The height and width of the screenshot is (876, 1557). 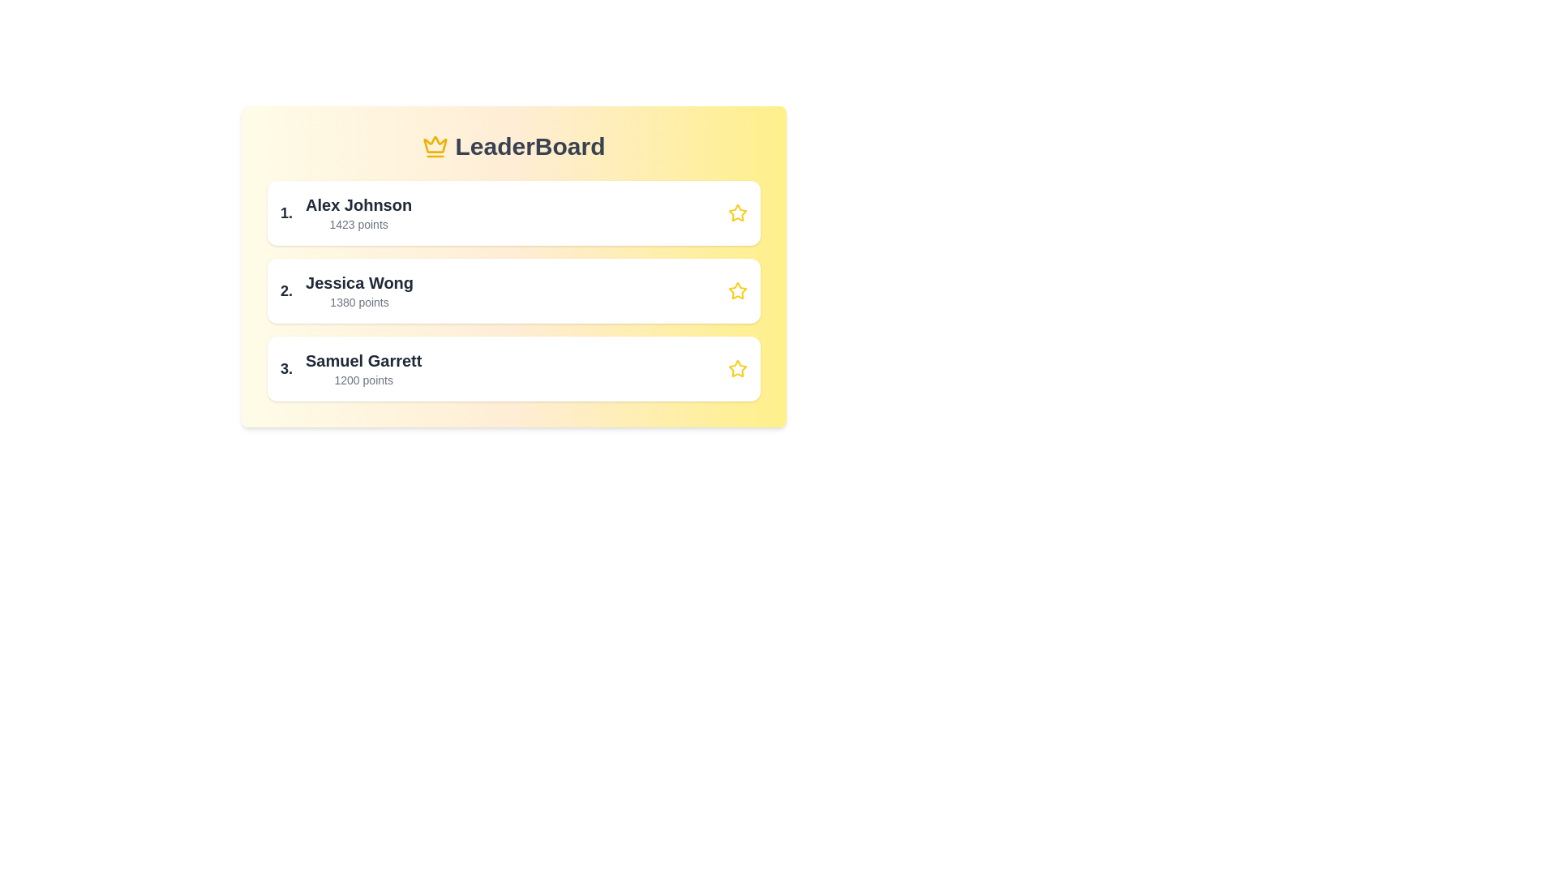 What do you see at coordinates (513, 212) in the screenshot?
I see `the entry of player Alex Johnson` at bounding box center [513, 212].